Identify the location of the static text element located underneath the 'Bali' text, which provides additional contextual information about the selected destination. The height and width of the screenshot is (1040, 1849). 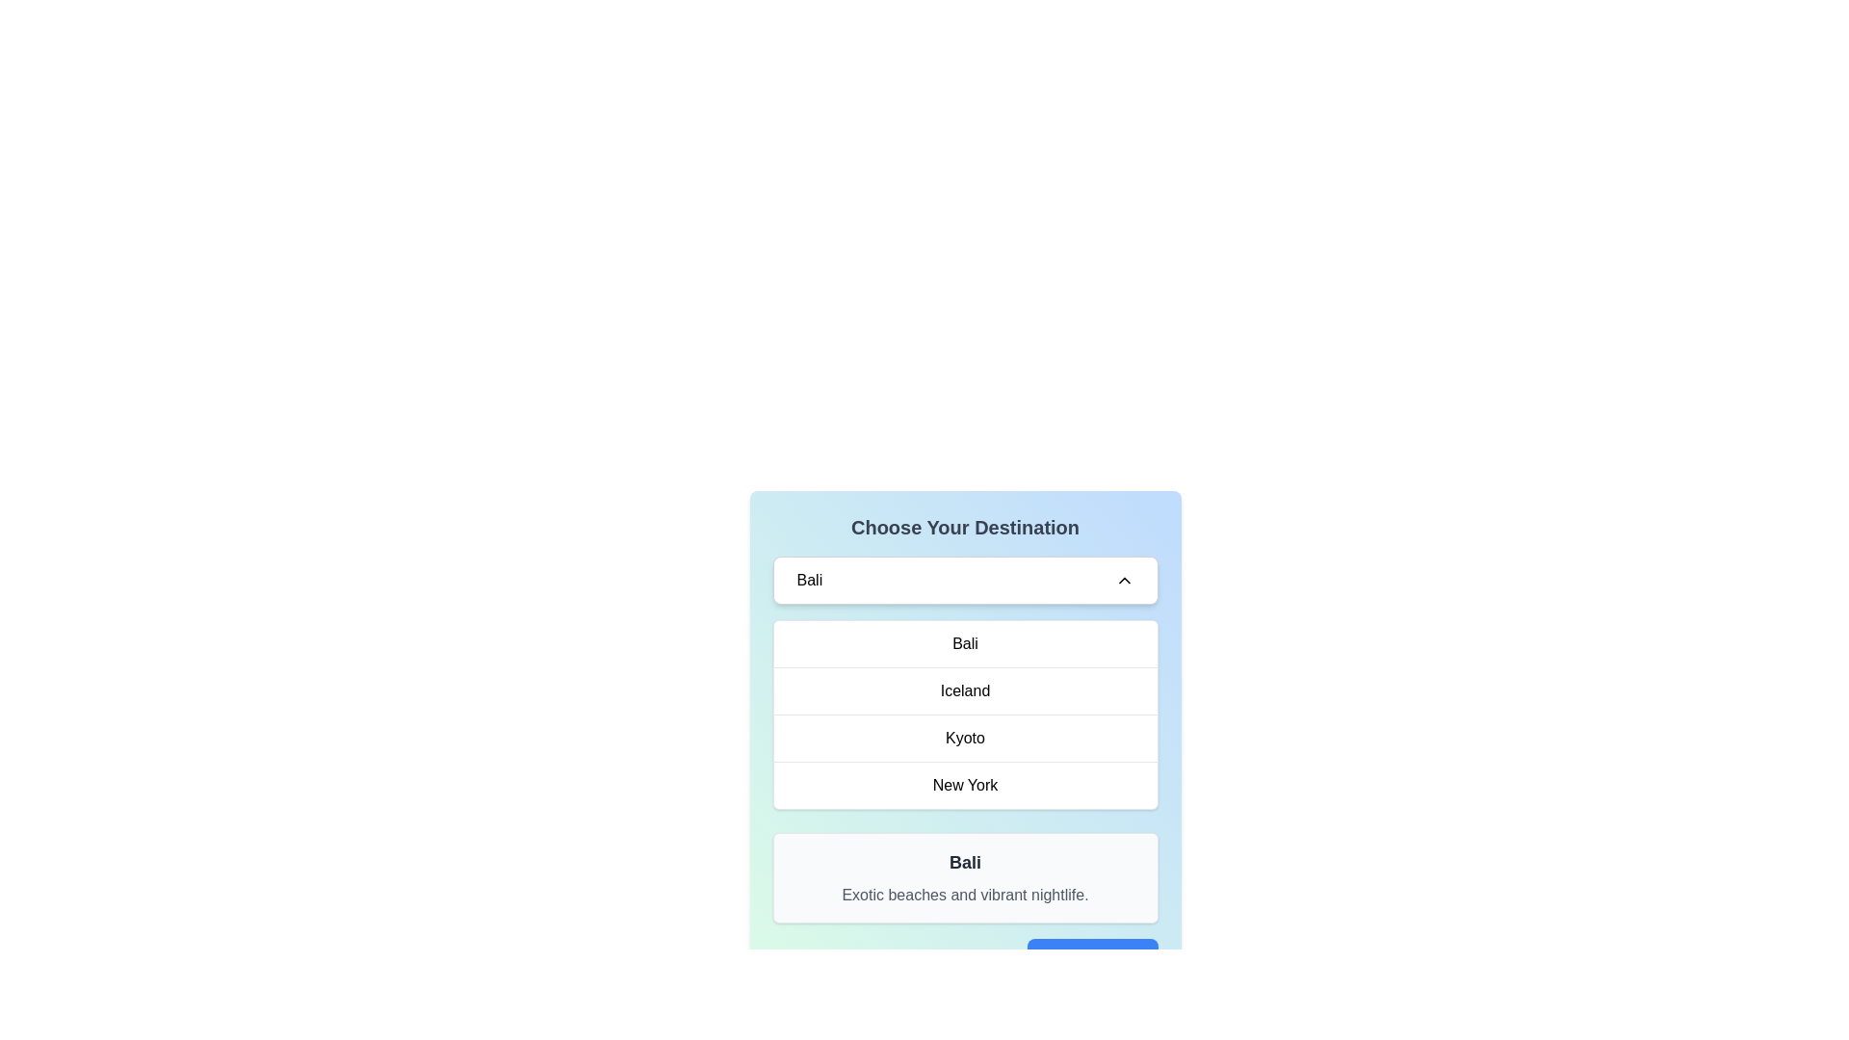
(965, 895).